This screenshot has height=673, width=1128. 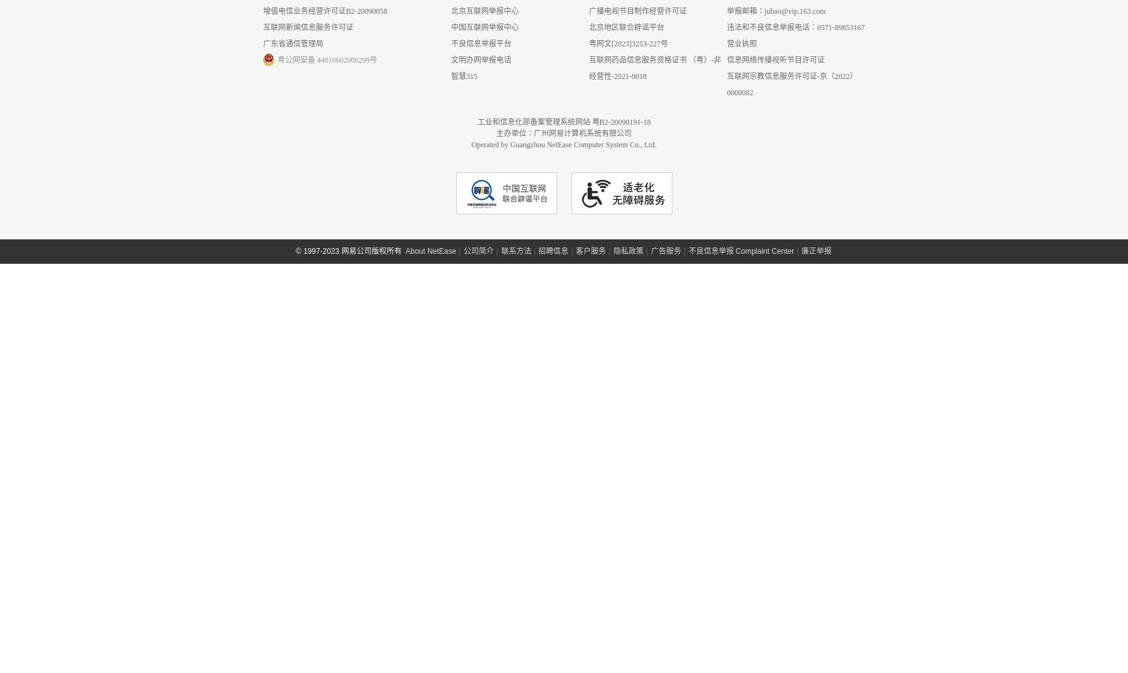 I want to click on '1997-2023 网易公司版权所有', so click(x=192, y=666).